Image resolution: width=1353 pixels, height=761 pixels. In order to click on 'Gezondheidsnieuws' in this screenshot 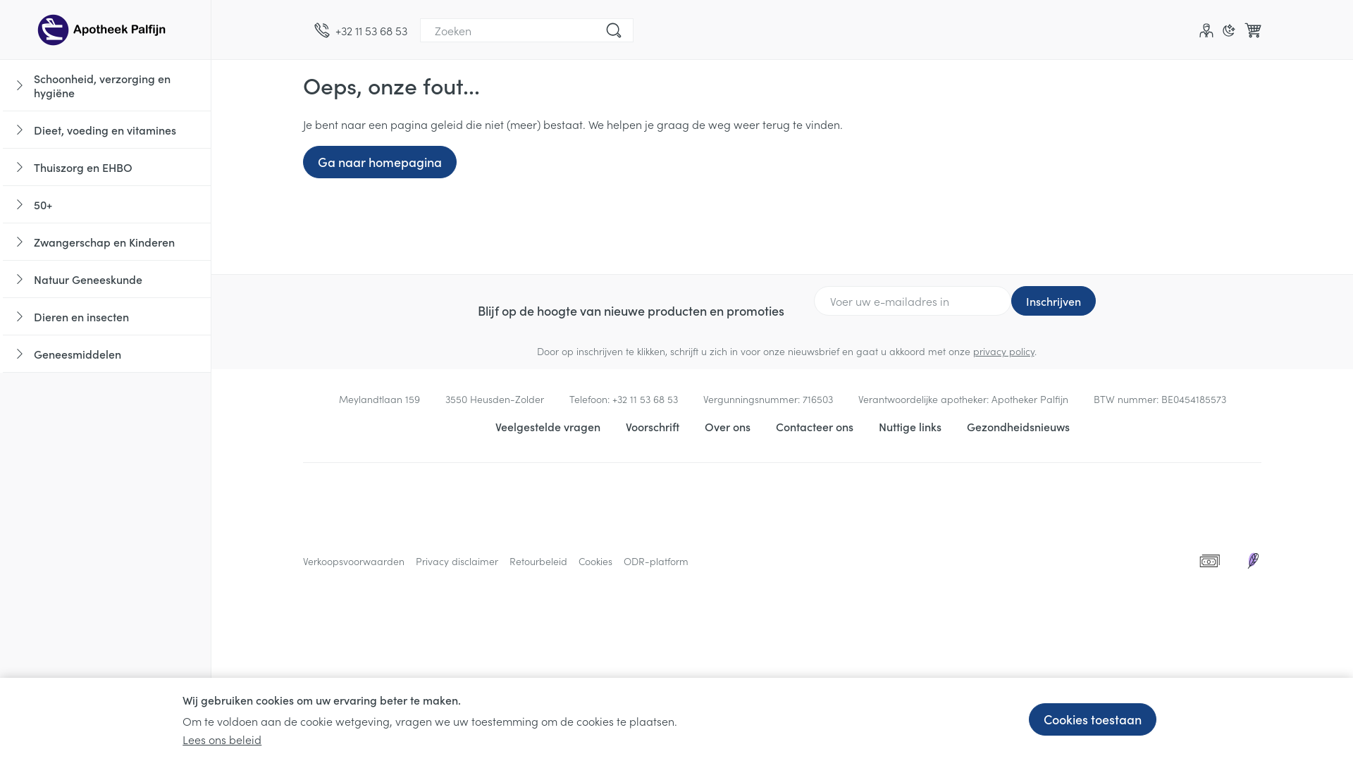, I will do `click(1018, 426)`.